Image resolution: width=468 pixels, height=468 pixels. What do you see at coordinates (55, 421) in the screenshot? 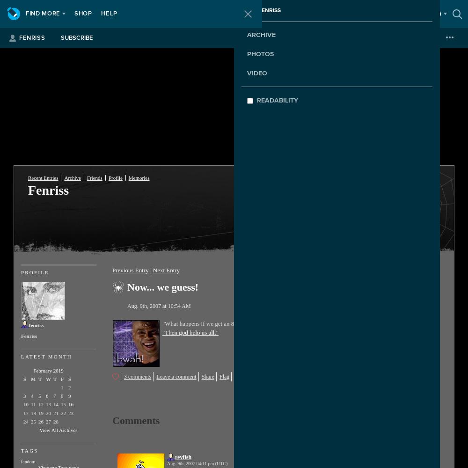
I see `'28'` at bounding box center [55, 421].